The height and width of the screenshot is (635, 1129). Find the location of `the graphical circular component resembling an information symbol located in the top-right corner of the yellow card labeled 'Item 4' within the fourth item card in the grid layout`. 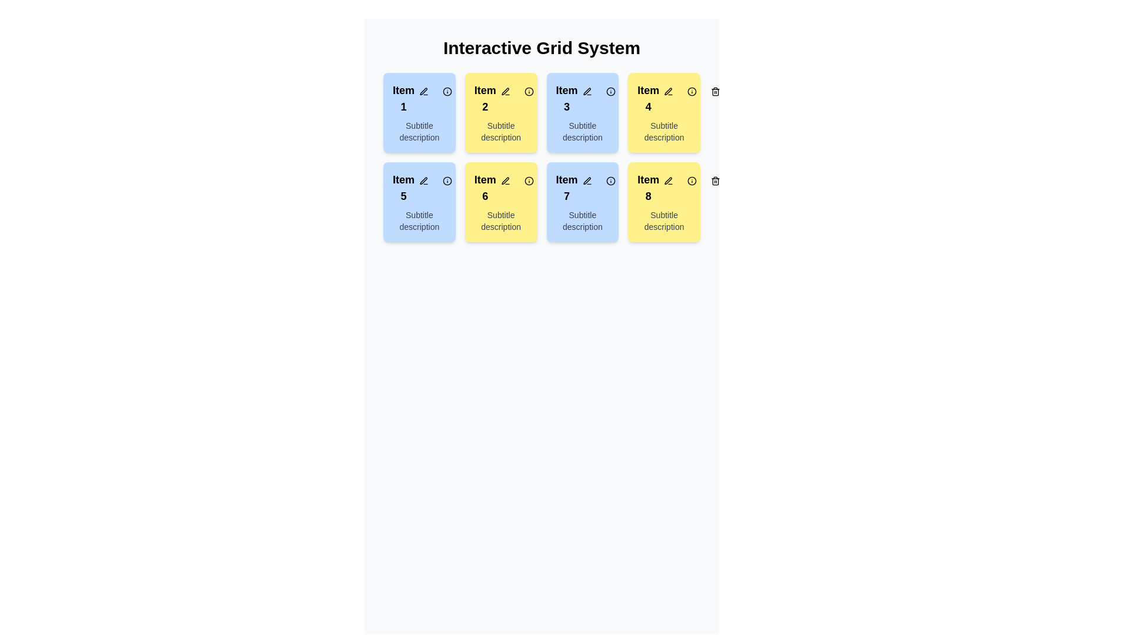

the graphical circular component resembling an information symbol located in the top-right corner of the yellow card labeled 'Item 4' within the fourth item card in the grid layout is located at coordinates (692, 91).